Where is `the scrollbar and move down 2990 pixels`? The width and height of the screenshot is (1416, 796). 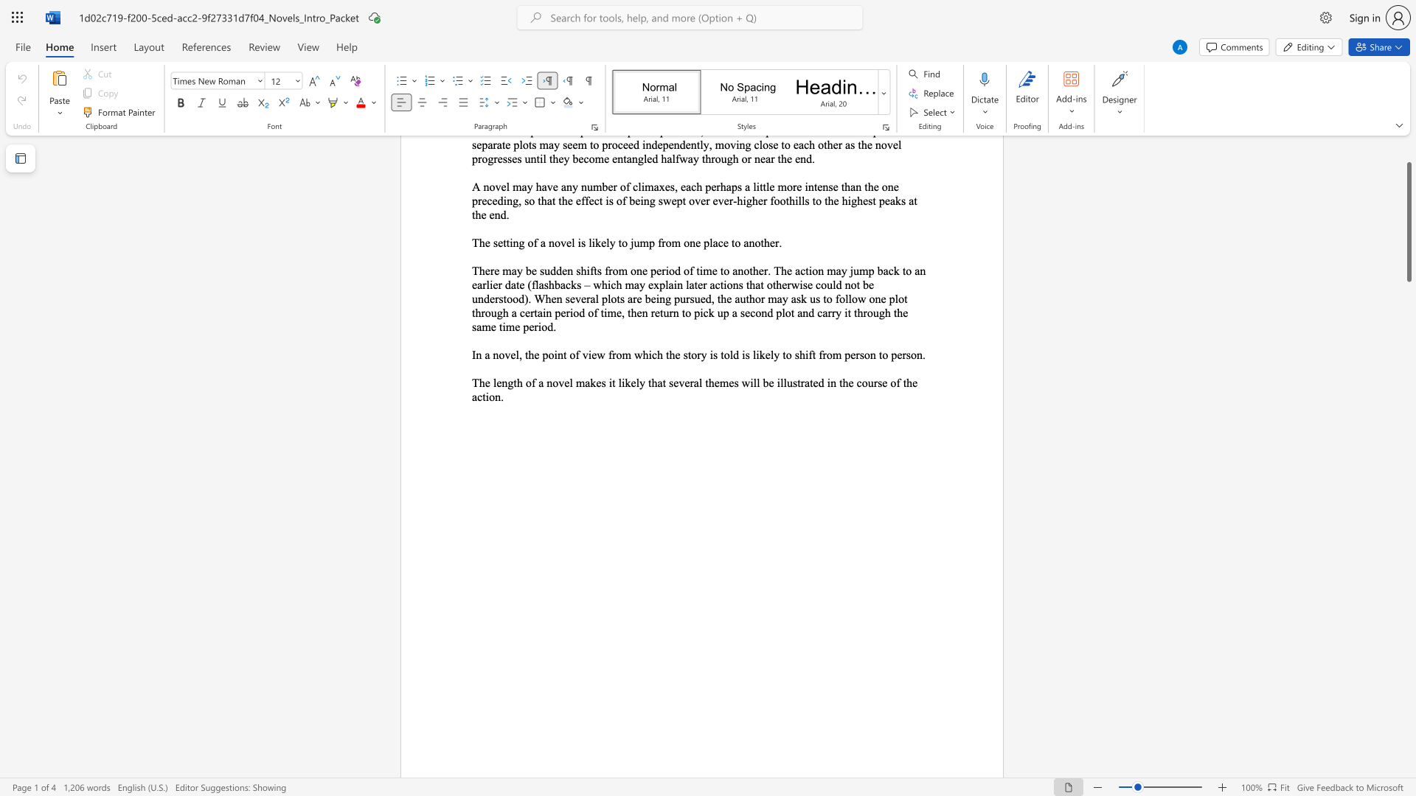 the scrollbar and move down 2990 pixels is located at coordinates (1408, 222).